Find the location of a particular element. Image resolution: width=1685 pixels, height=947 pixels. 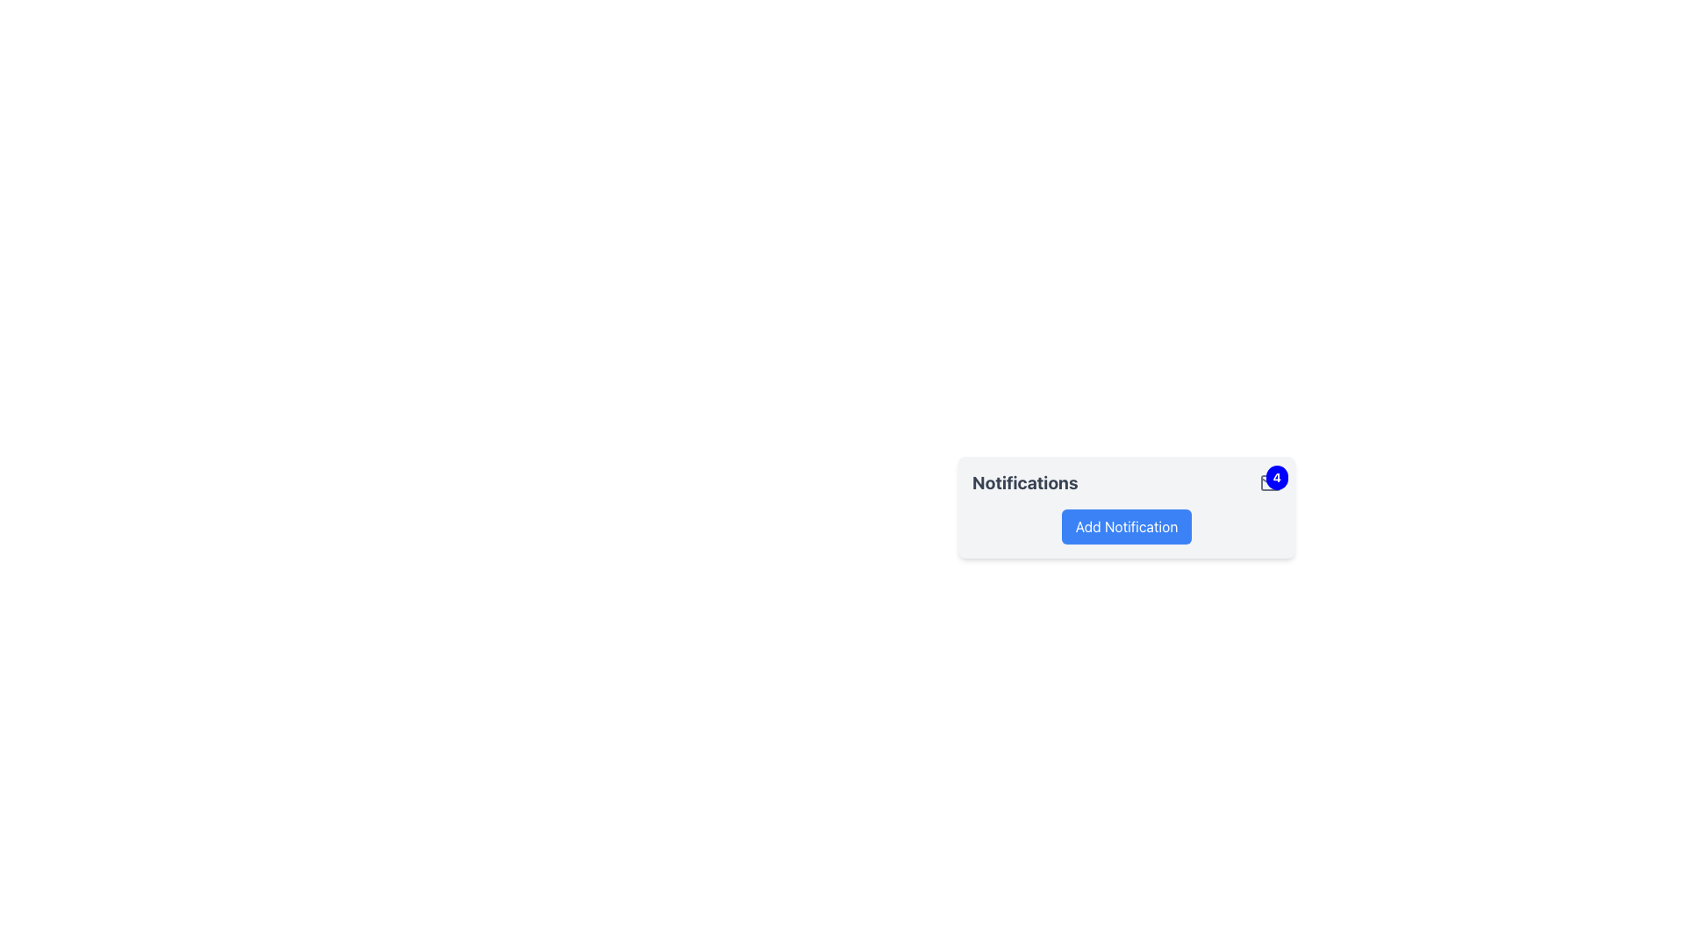

the circular badge with a blue background displaying the number '4' at the top-right corner of the Notifications section, next to the email icon is located at coordinates (1277, 477).